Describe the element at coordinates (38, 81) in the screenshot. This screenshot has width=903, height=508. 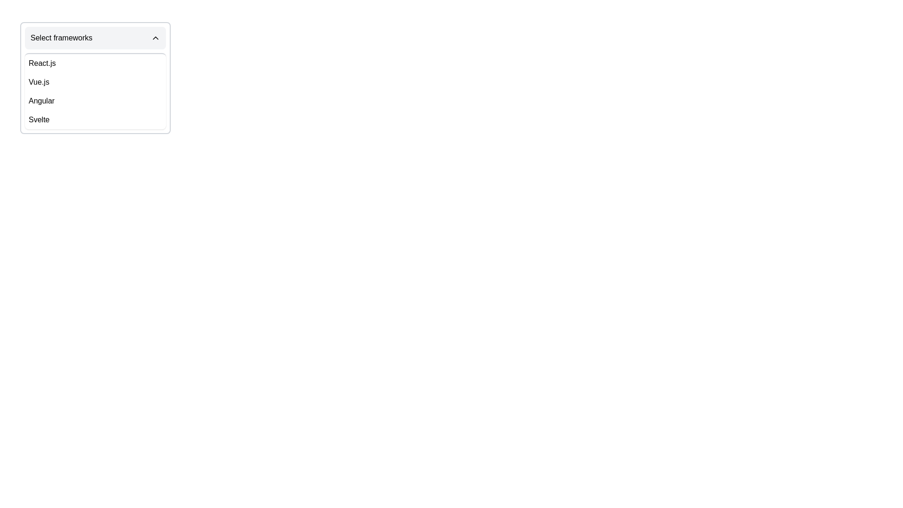
I see `the 'Vue.js' text label within the dropdown menu` at that location.